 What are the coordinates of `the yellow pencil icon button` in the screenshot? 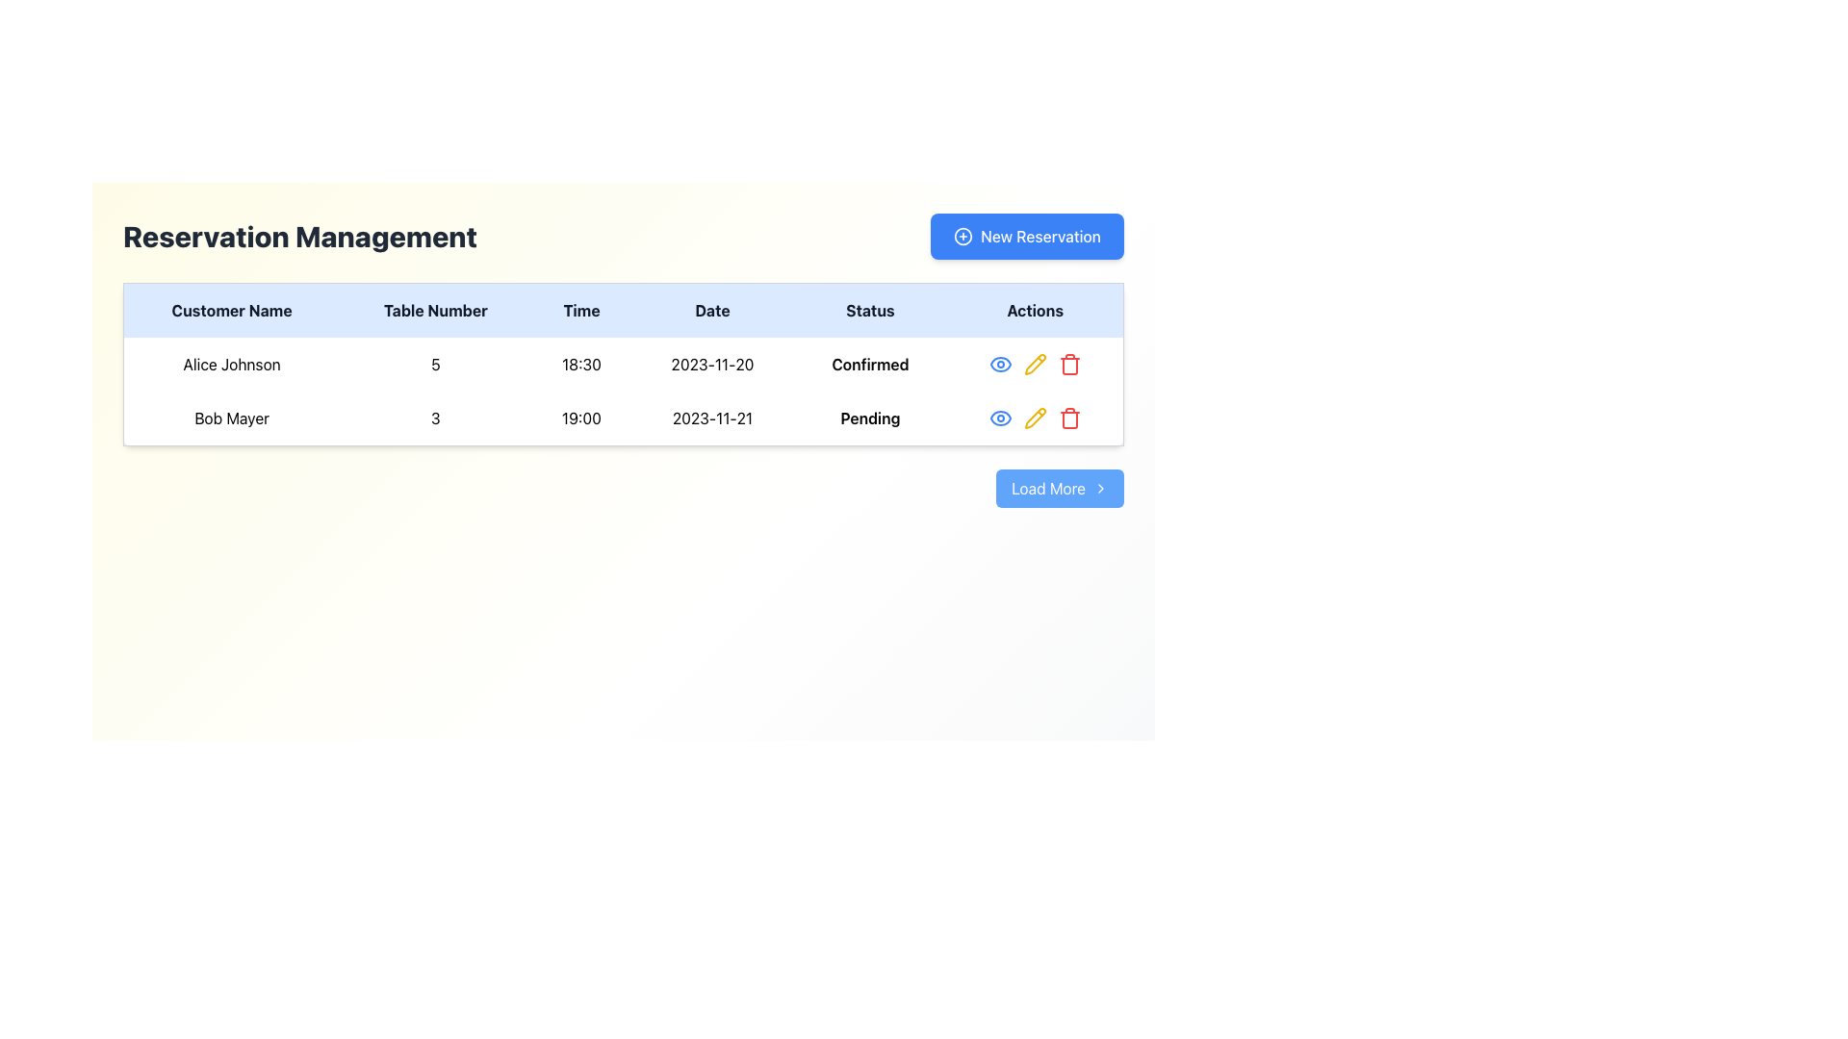 It's located at (1034, 364).